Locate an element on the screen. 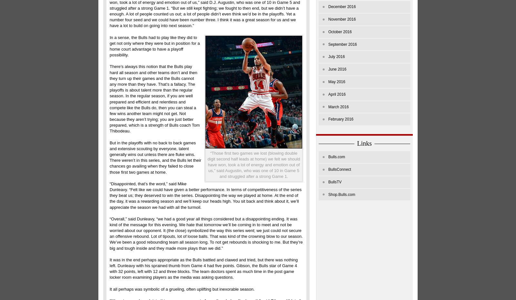 The image size is (516, 300). 'Links' is located at coordinates (364, 143).